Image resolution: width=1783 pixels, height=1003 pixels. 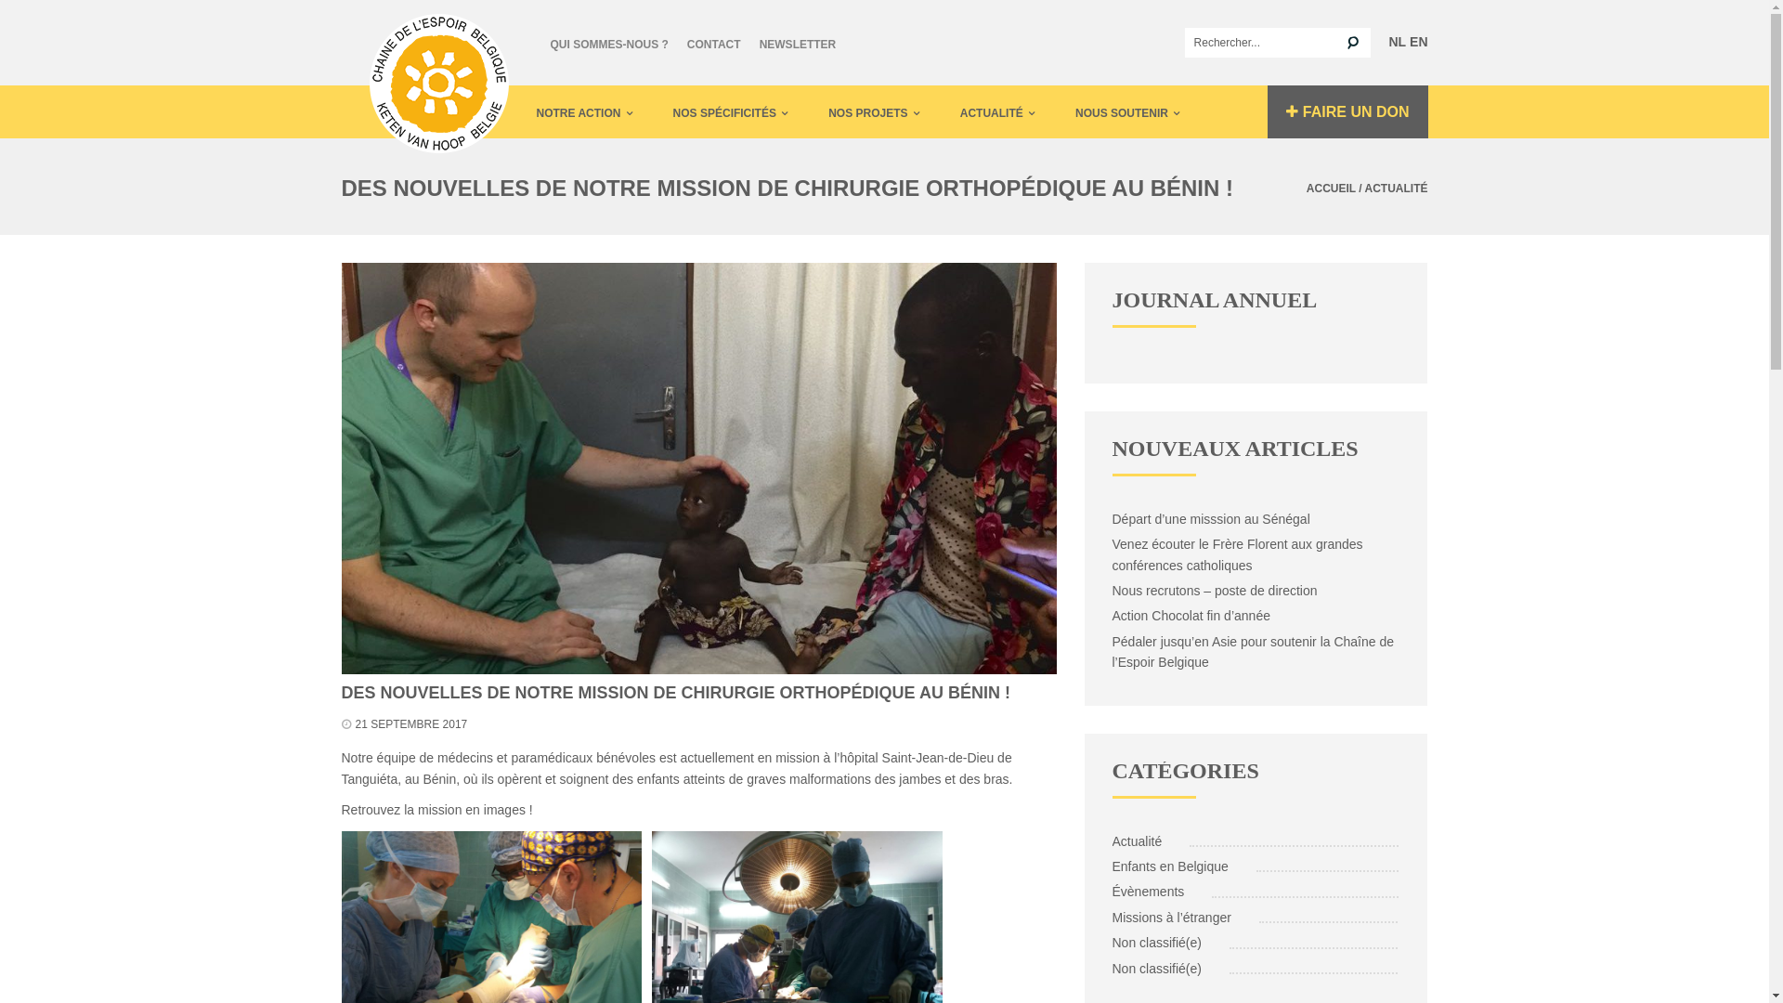 I want to click on '21 SEPTEMBRE 2017', so click(x=410, y=723).